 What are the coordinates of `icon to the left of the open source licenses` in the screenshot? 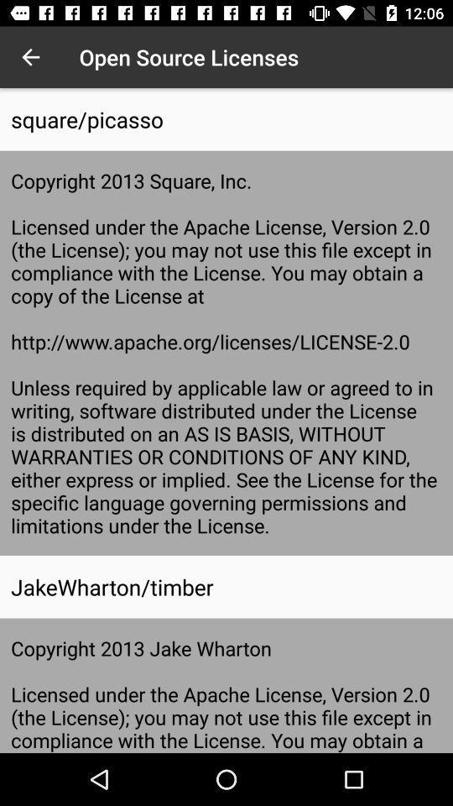 It's located at (30, 57).